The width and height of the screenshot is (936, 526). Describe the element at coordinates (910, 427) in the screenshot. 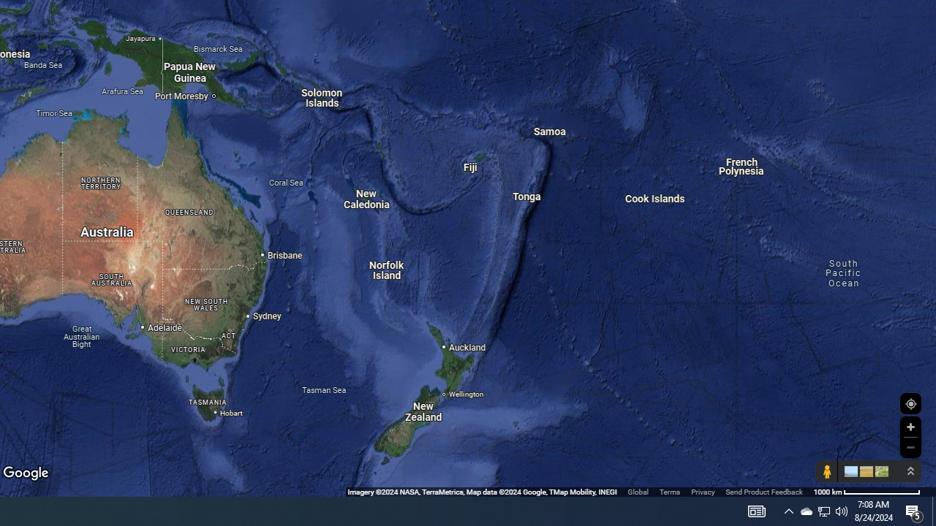

I see `'Zoom in'` at that location.